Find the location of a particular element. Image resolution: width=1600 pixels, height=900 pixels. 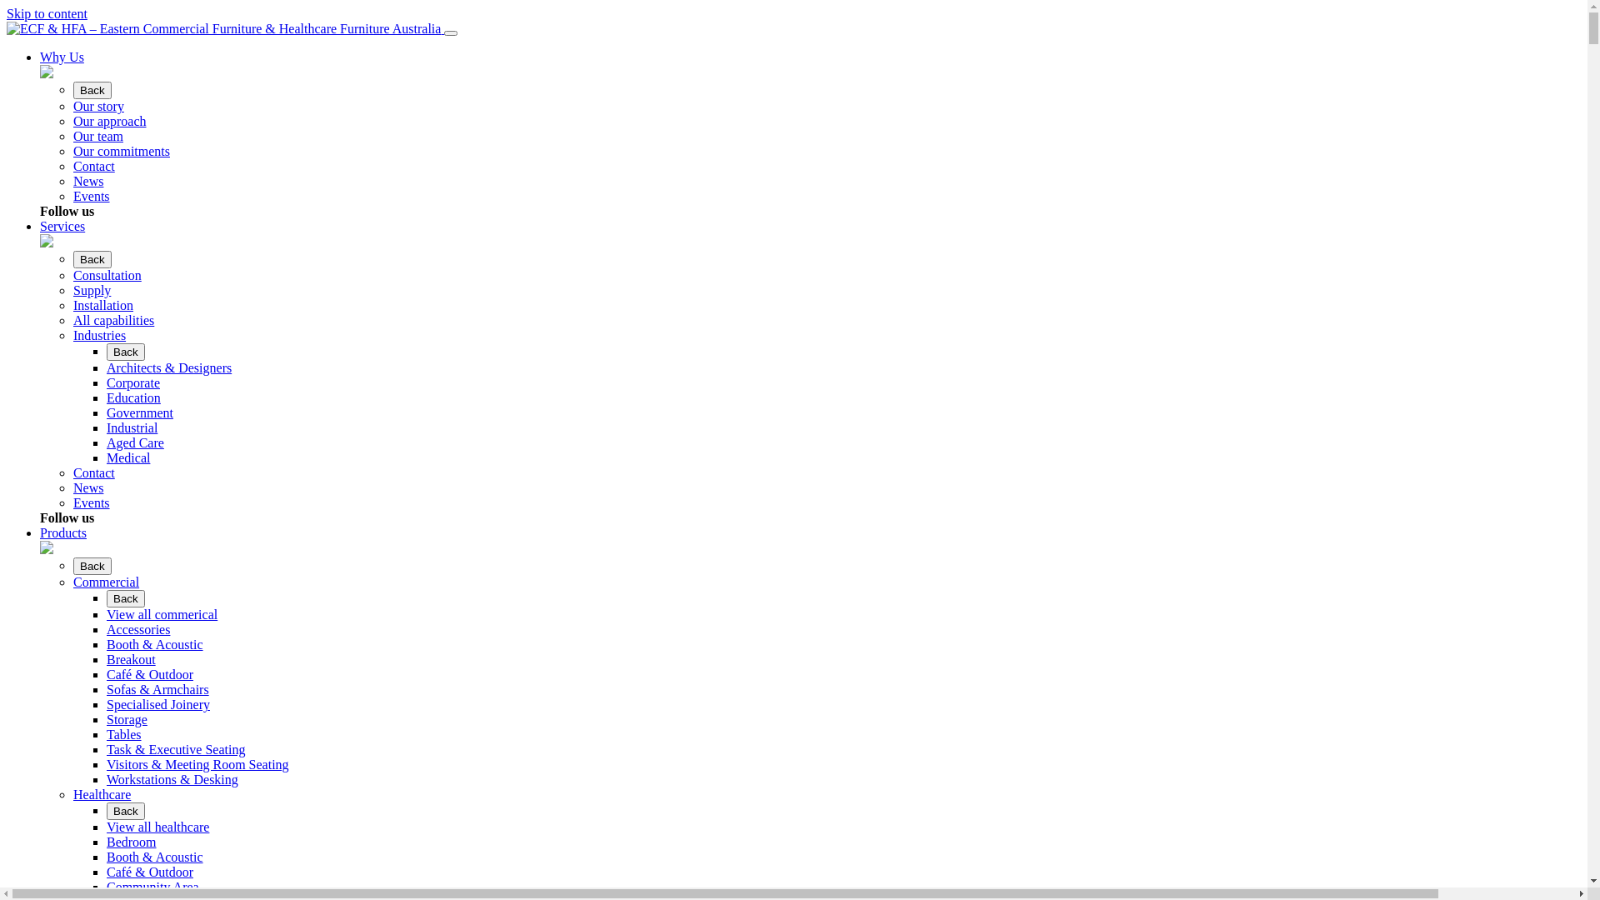

'Our approach' is located at coordinates (108, 120).